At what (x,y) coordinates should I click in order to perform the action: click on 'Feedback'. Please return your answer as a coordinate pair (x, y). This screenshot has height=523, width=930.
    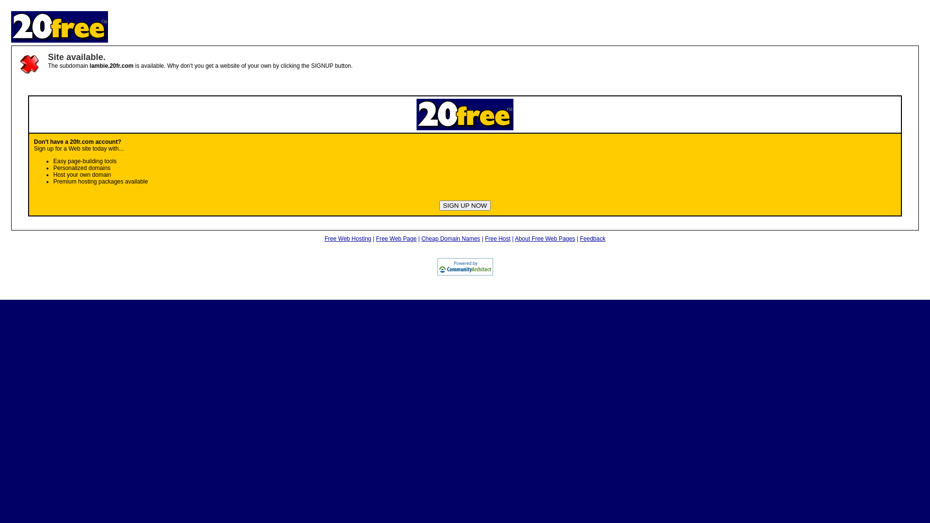
    Looking at the image, I should click on (592, 239).